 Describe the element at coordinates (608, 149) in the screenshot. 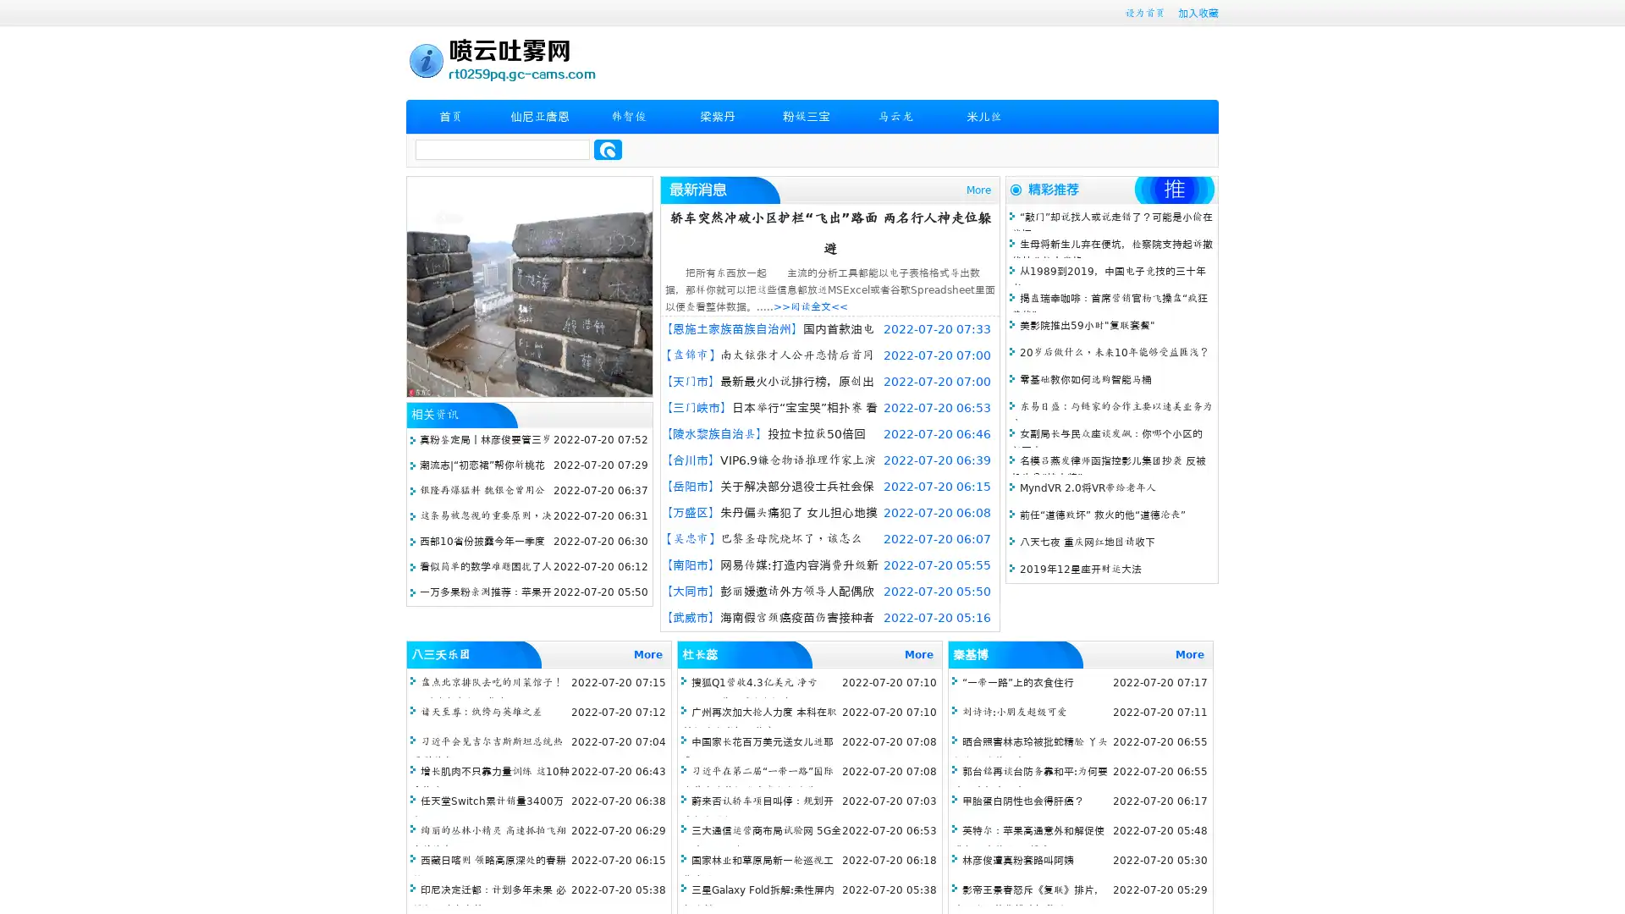

I see `Search` at that location.